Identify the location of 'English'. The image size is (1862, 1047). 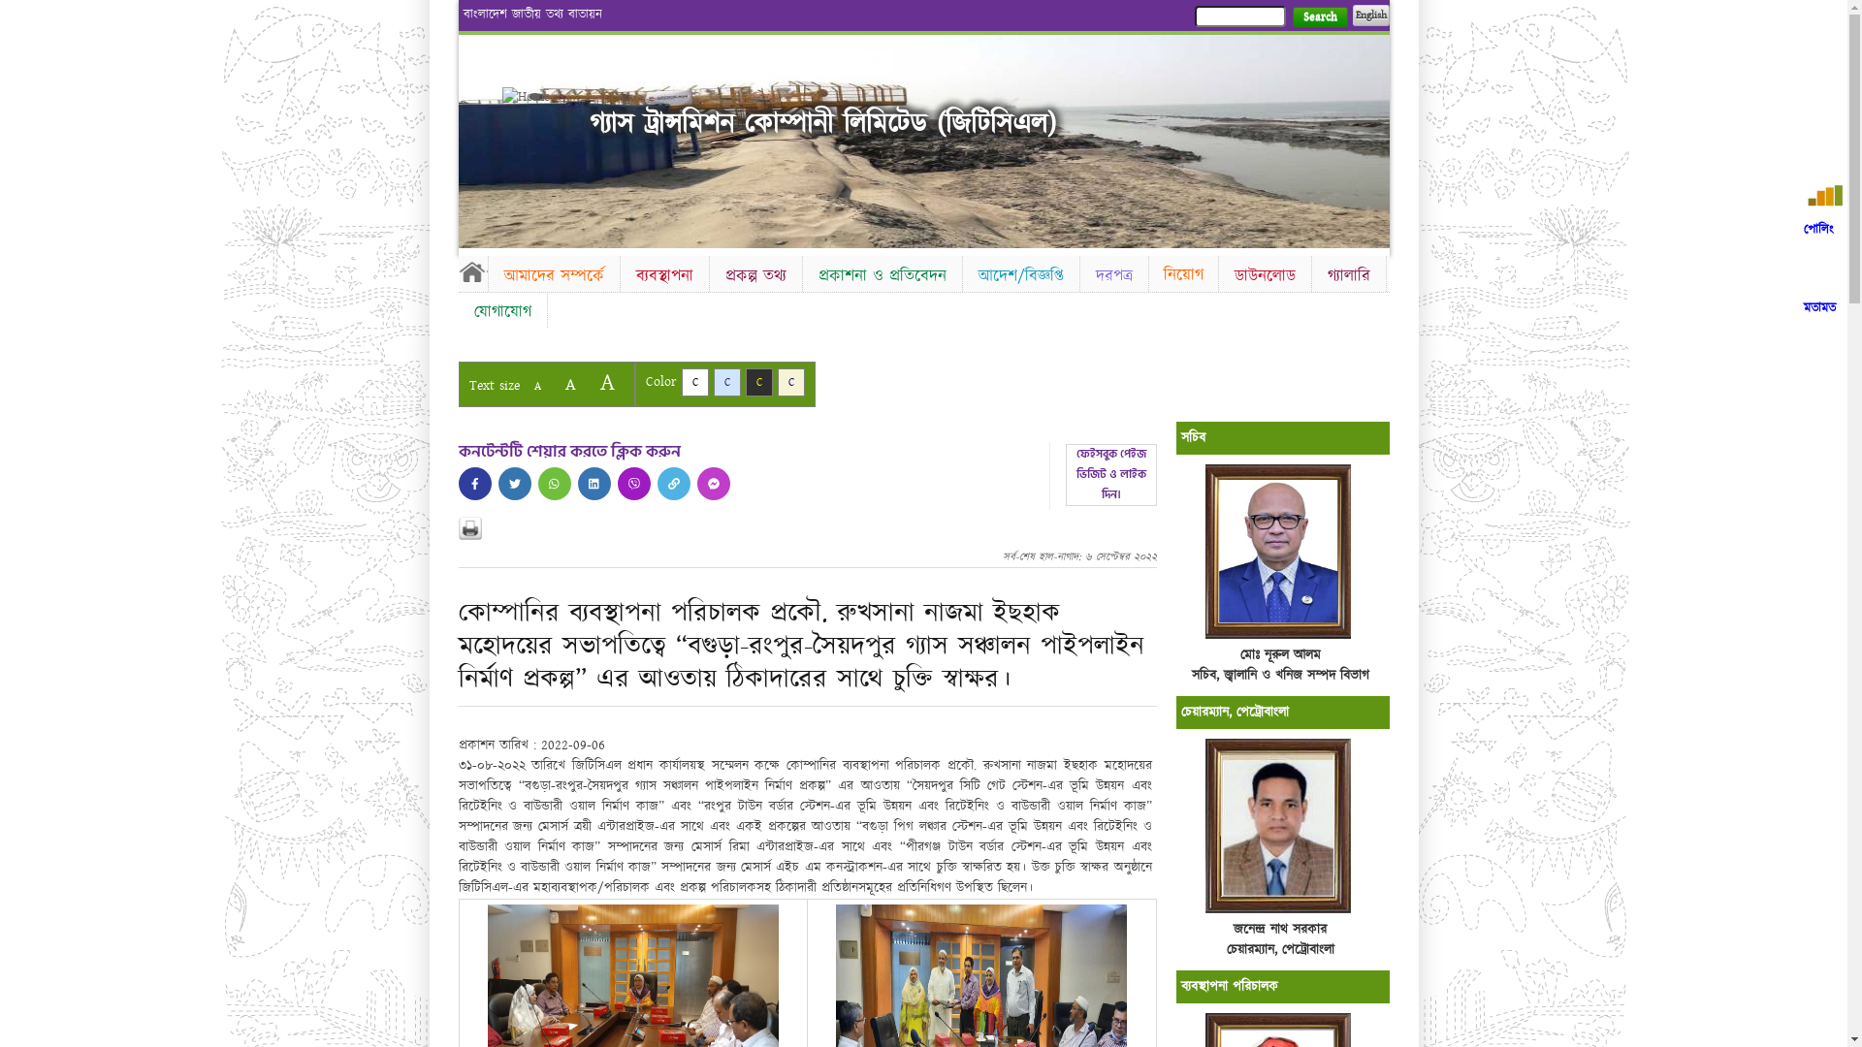
(1368, 15).